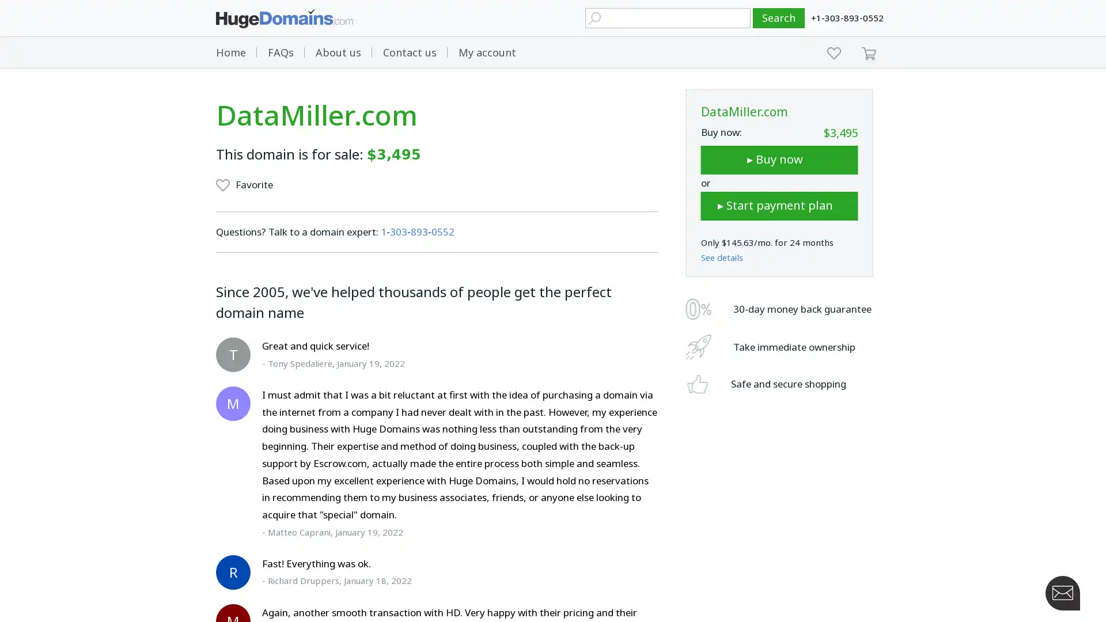 The height and width of the screenshot is (622, 1106). I want to click on Search, so click(779, 18).